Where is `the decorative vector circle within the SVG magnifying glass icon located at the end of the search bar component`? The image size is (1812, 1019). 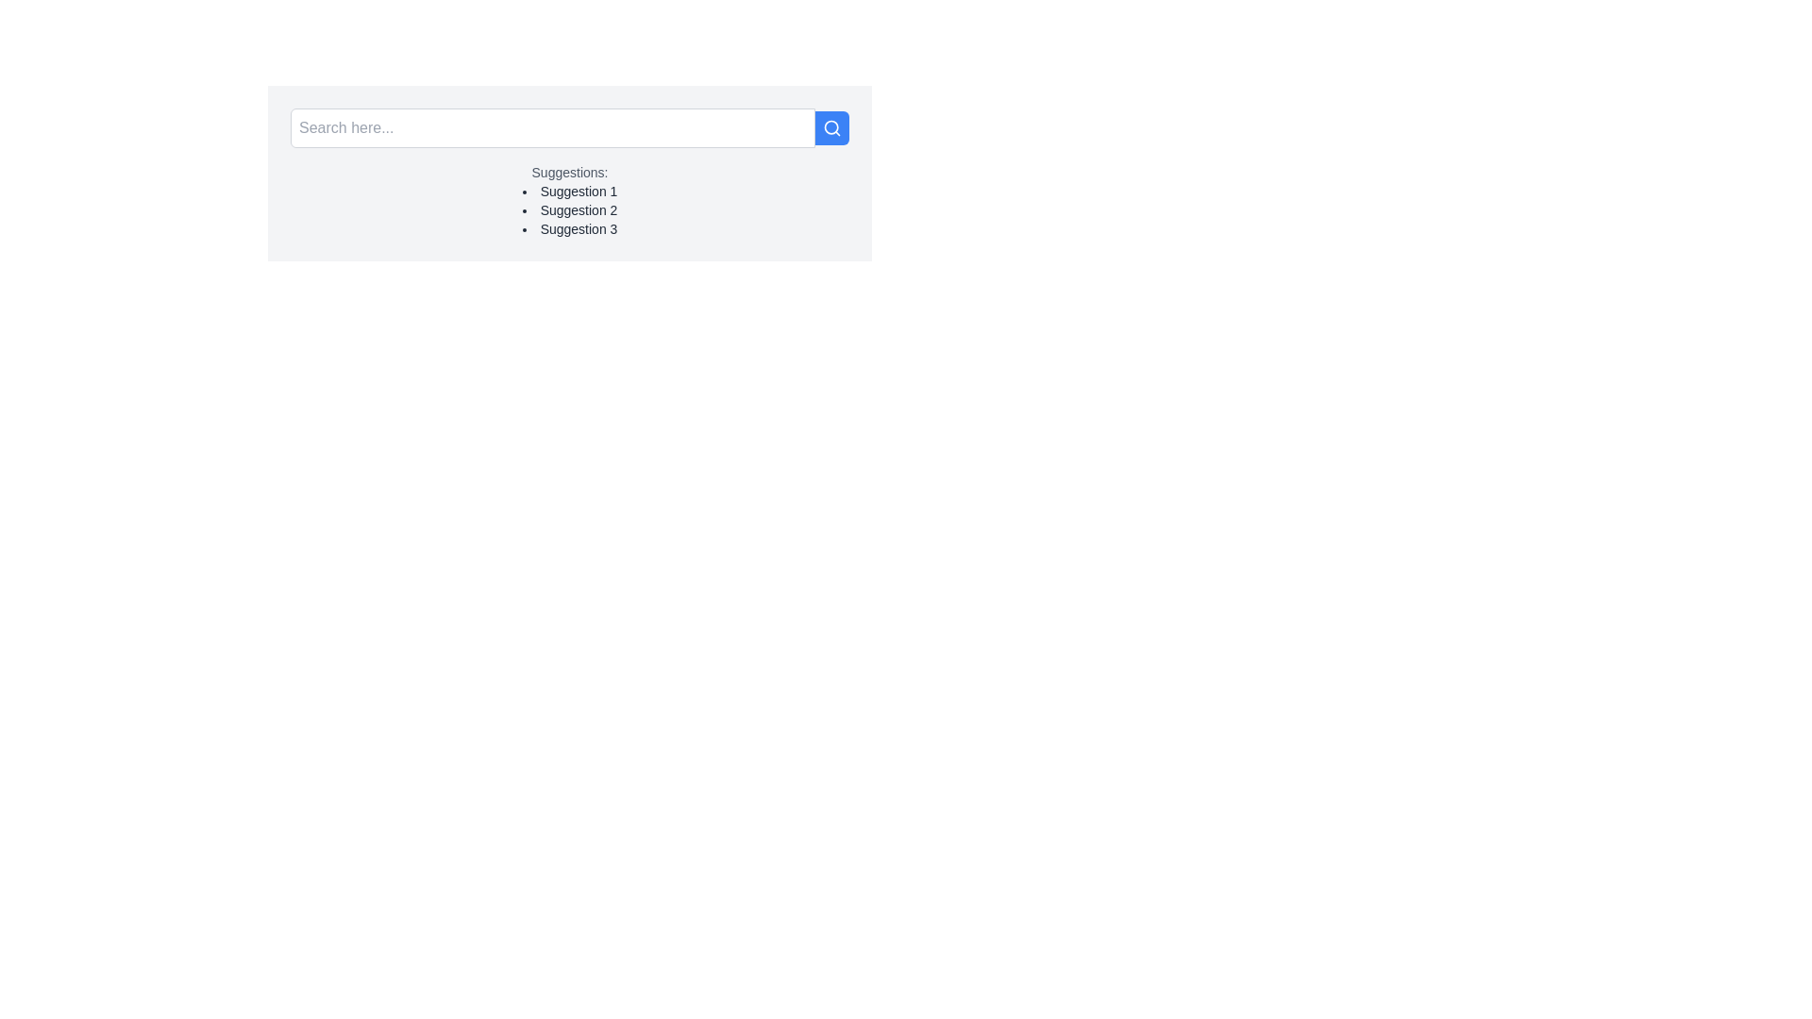 the decorative vector circle within the SVG magnifying glass icon located at the end of the search bar component is located at coordinates (830, 127).